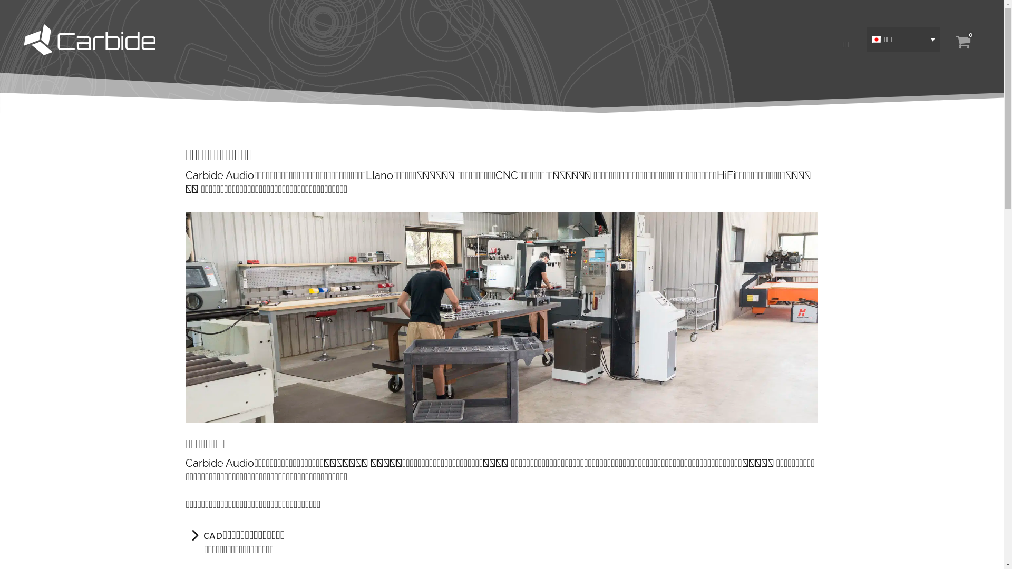  What do you see at coordinates (956, 41) in the screenshot?
I see `'0'` at bounding box center [956, 41].